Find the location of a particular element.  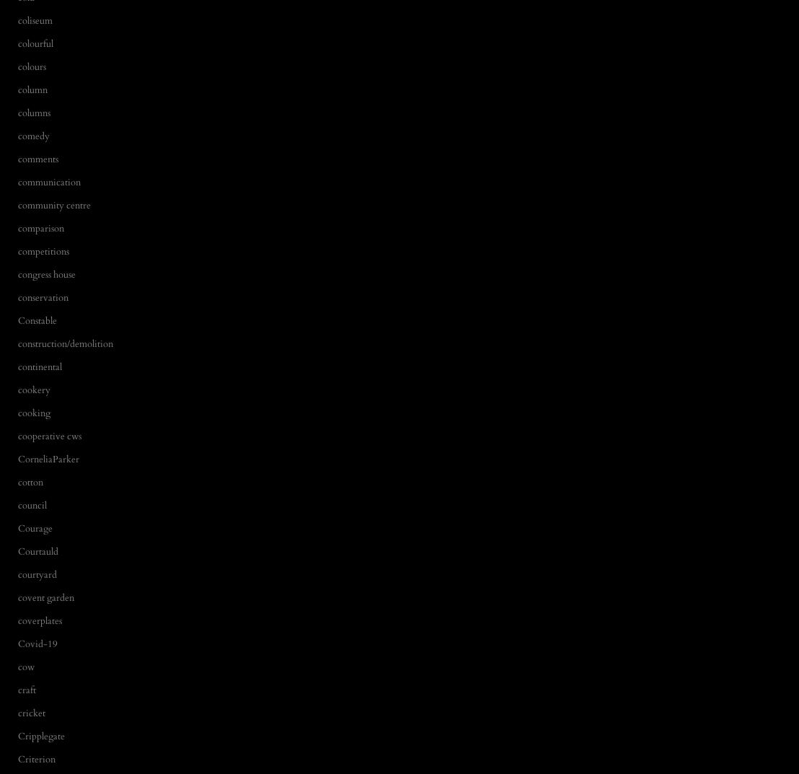

'Criterion' is located at coordinates (35, 758).